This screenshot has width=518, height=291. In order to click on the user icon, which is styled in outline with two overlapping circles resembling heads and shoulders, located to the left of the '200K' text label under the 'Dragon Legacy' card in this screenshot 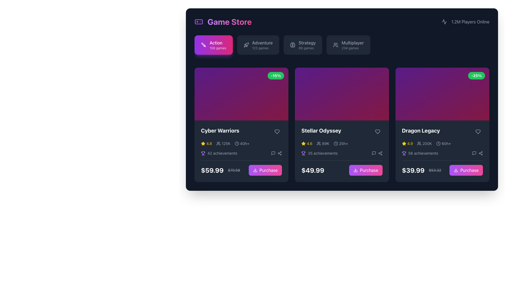, I will do `click(419, 143)`.